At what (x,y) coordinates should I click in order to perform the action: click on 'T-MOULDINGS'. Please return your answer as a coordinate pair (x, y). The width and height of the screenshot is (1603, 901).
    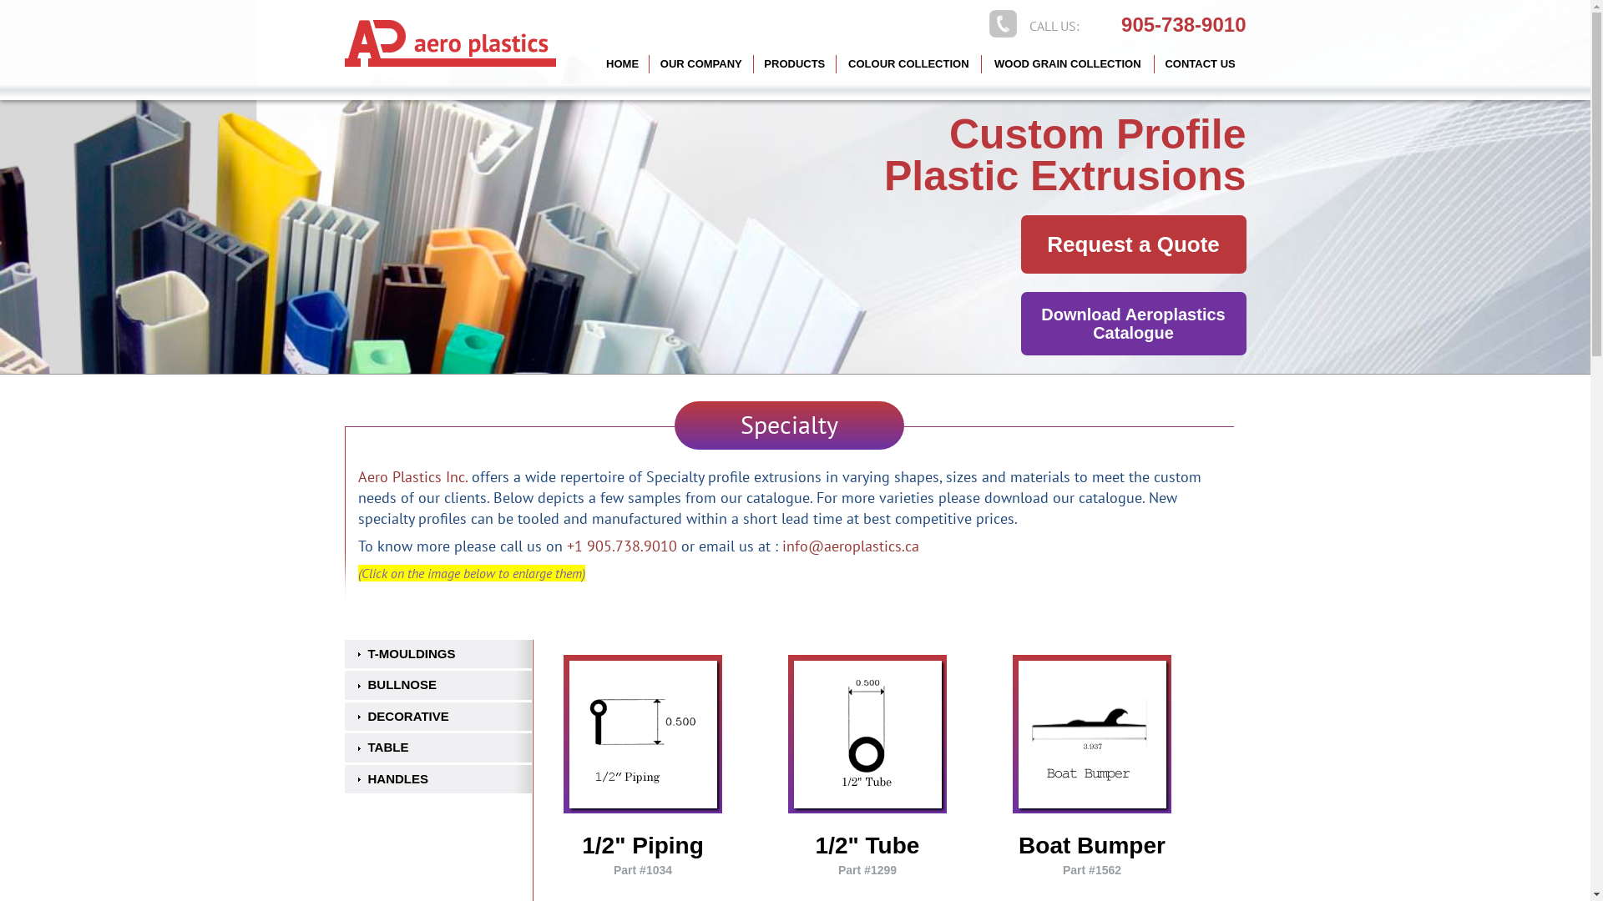
    Looking at the image, I should click on (437, 653).